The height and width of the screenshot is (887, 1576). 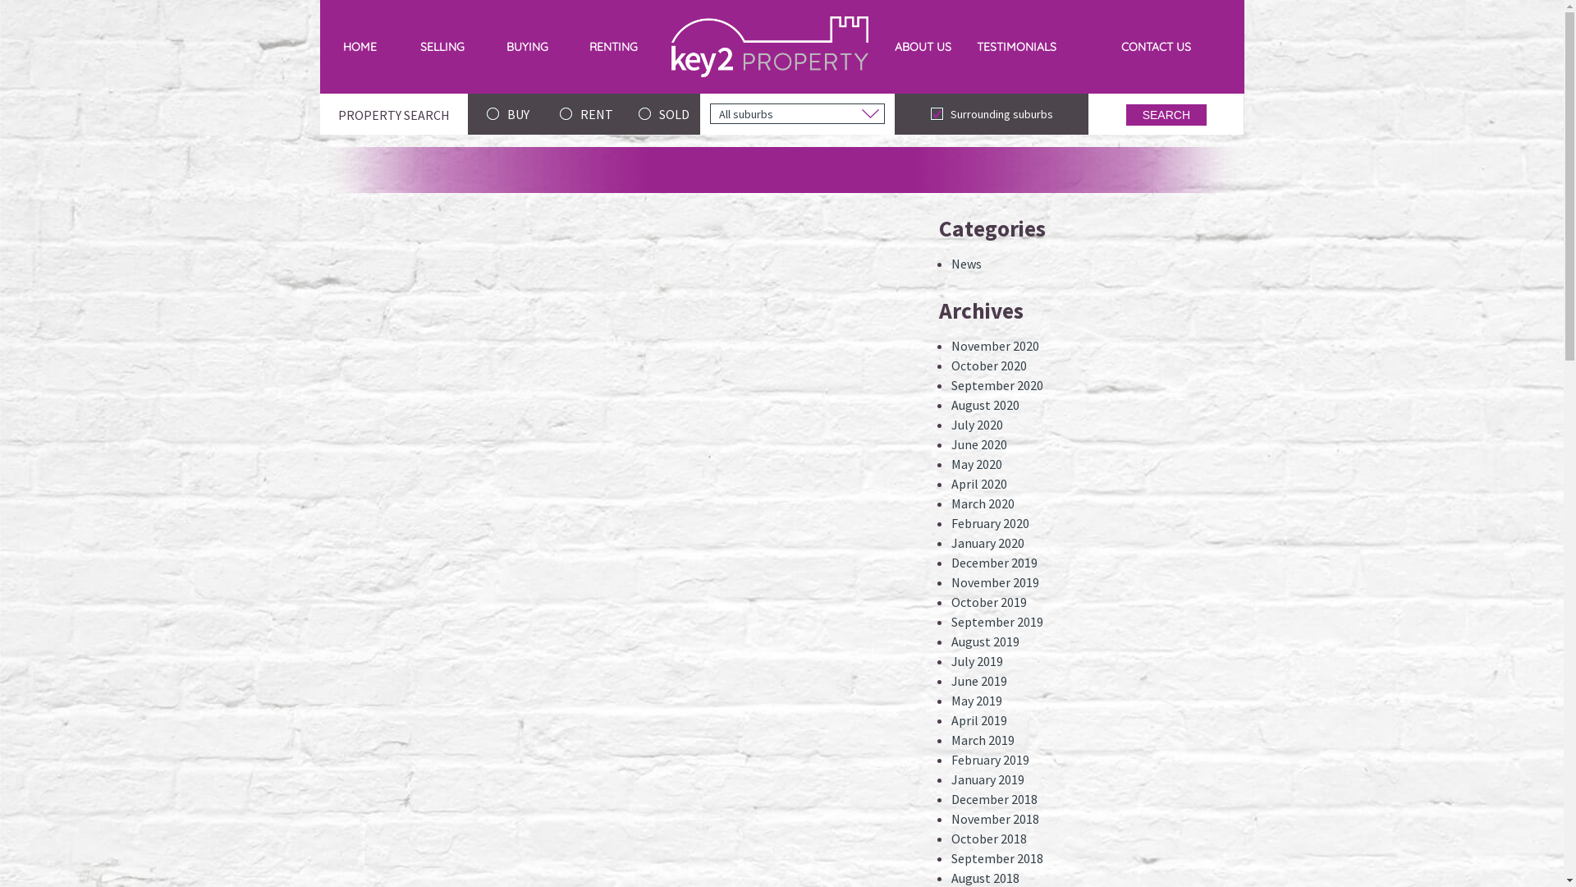 What do you see at coordinates (987, 542) in the screenshot?
I see `'January 2020'` at bounding box center [987, 542].